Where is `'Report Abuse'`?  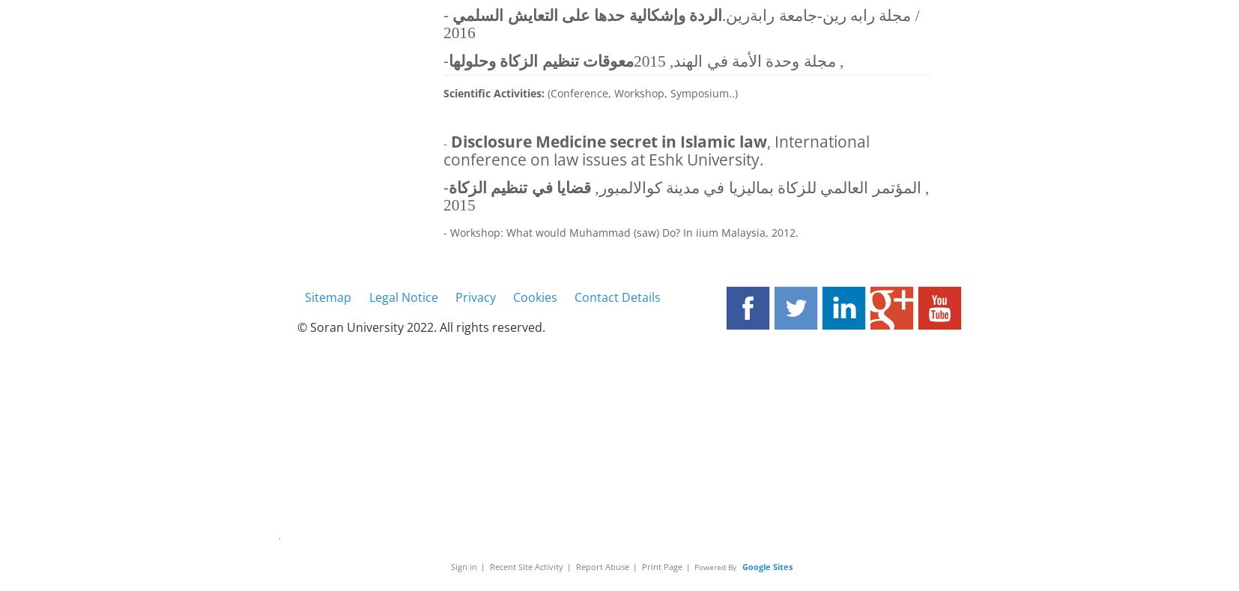
'Report Abuse' is located at coordinates (602, 566).